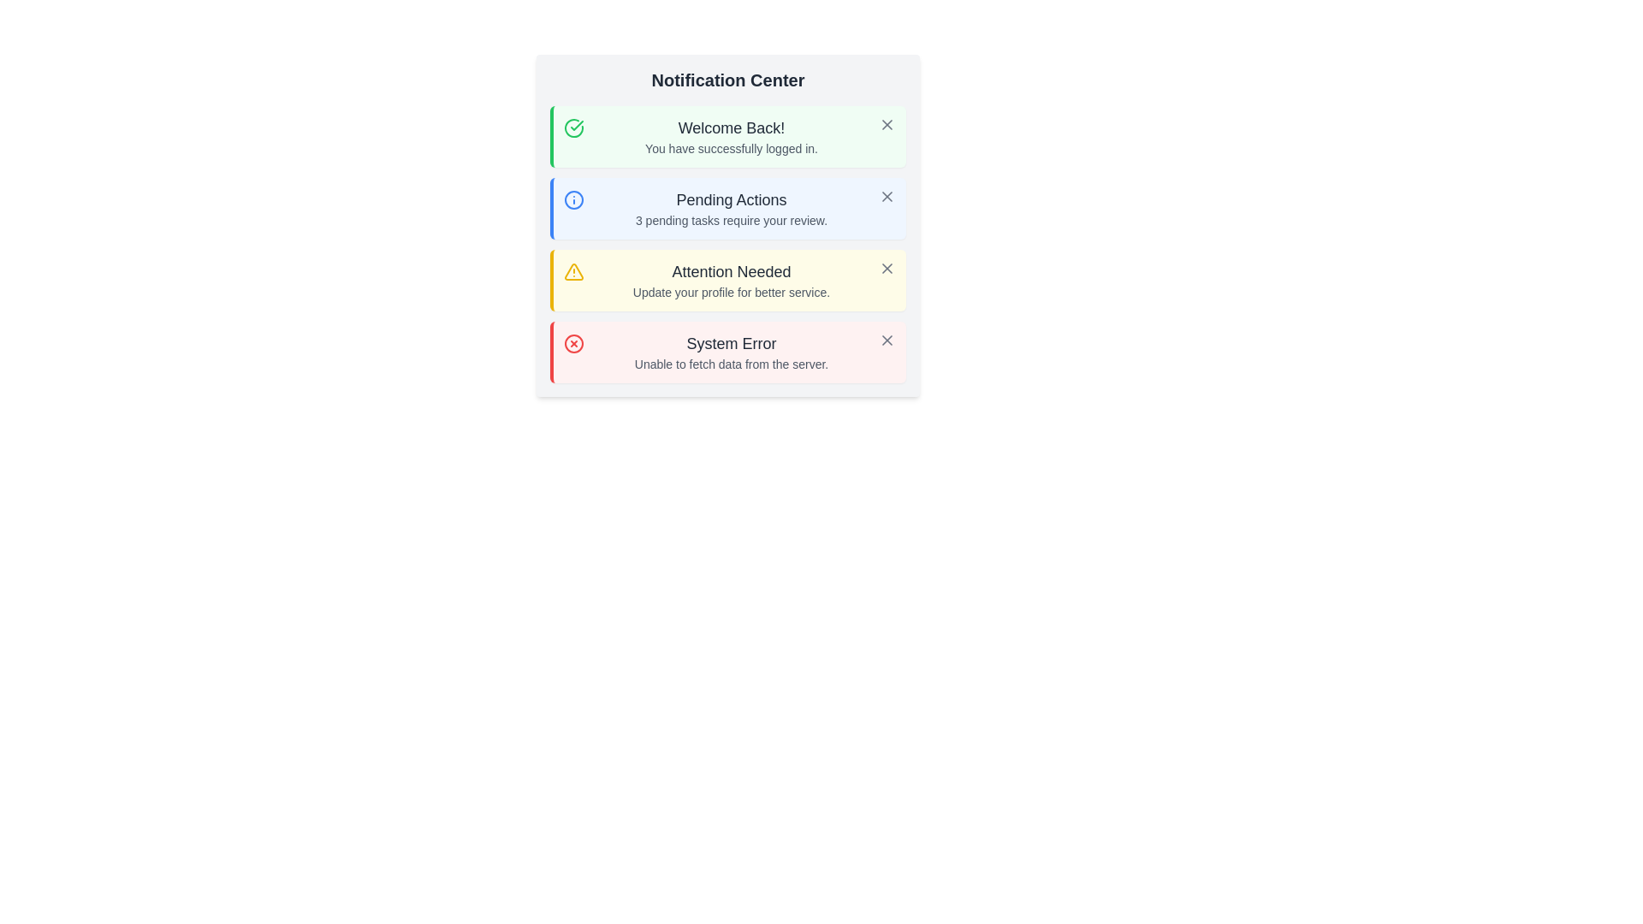 This screenshot has width=1643, height=924. I want to click on the 'Pending Actions' text label, which is a prominent header in dark gray, indicating pending tasks in the Notification Center, so click(731, 199).